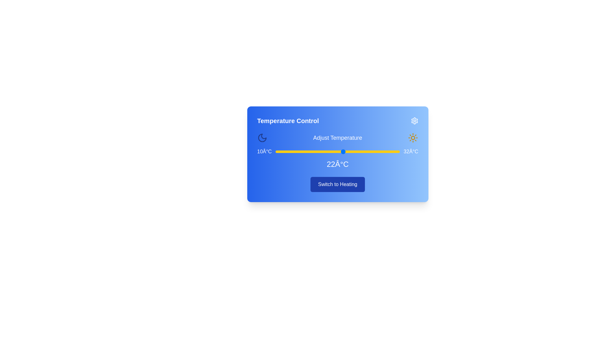 The image size is (604, 340). I want to click on the 'Settings' icon to access additional options, so click(414, 121).